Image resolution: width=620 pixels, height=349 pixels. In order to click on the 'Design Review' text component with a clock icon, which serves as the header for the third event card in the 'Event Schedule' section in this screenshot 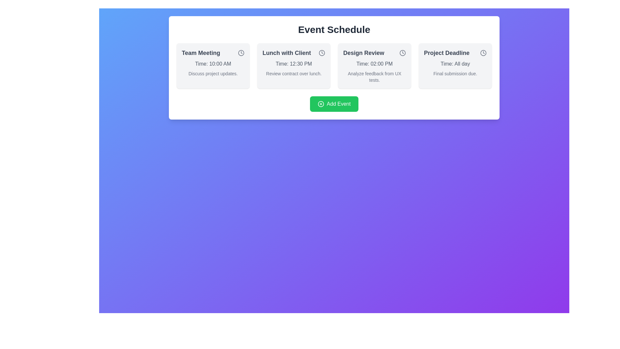, I will do `click(375, 53)`.